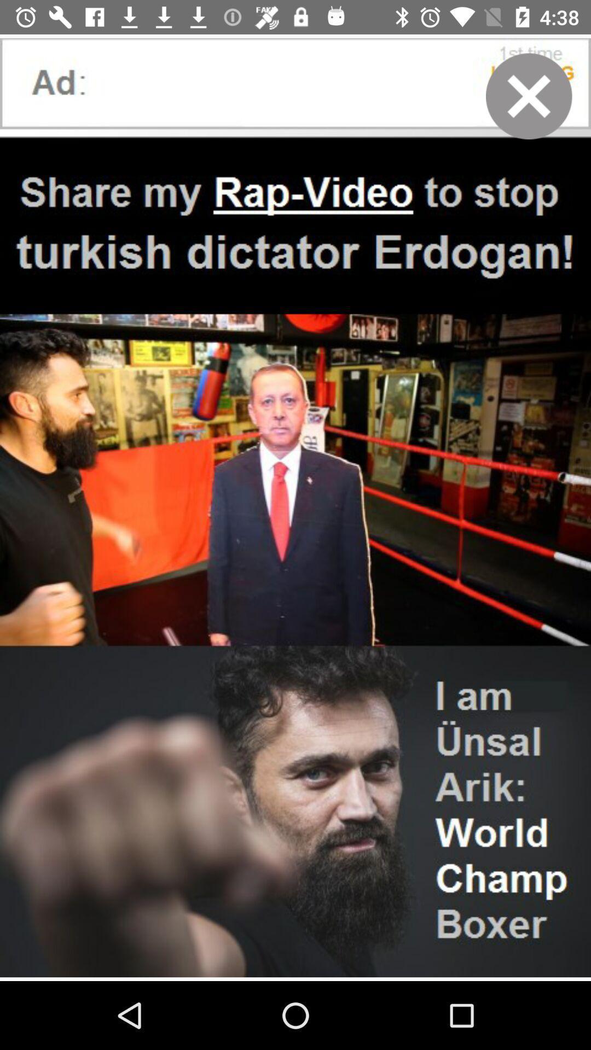 This screenshot has height=1050, width=591. What do you see at coordinates (296, 507) in the screenshot?
I see `the icon at the center` at bounding box center [296, 507].